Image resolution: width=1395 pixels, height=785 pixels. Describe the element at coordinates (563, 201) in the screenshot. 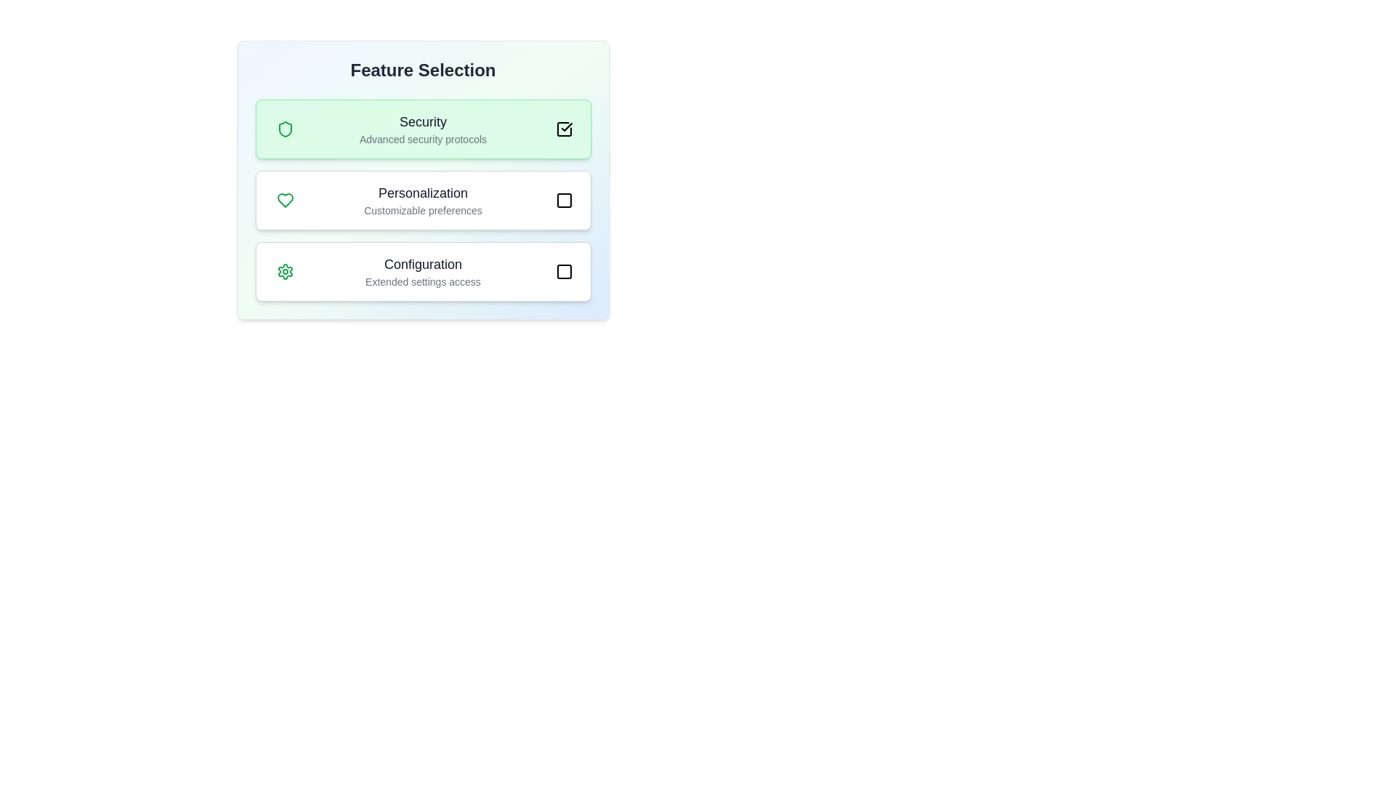

I see `the toggle button in the 'Personalization' section to change its state` at that location.